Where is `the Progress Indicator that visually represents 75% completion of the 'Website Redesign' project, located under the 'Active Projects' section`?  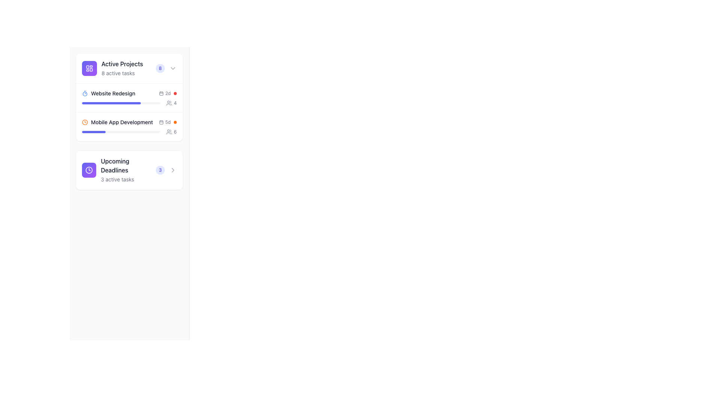
the Progress Indicator that visually represents 75% completion of the 'Website Redesign' project, located under the 'Active Projects' section is located at coordinates (111, 103).